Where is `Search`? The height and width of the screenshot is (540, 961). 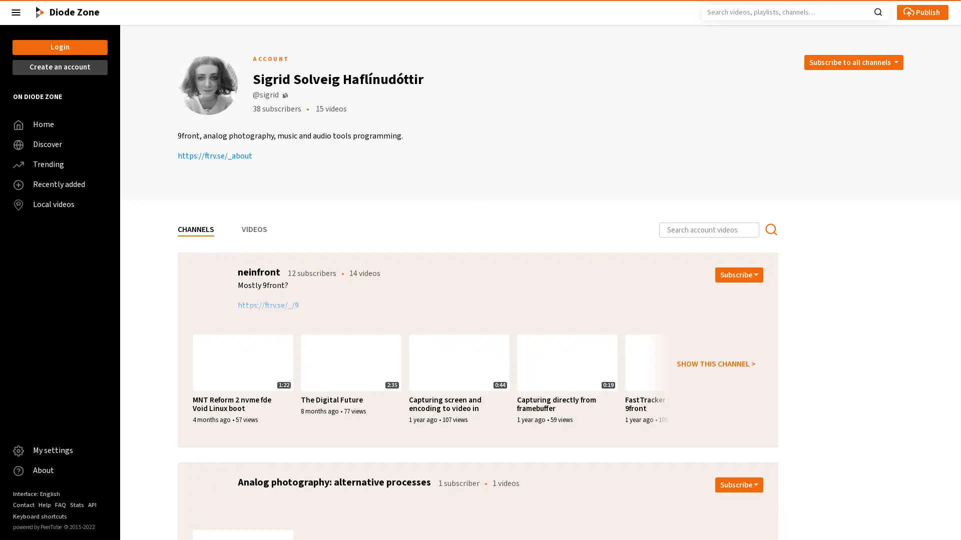 Search is located at coordinates (877, 11).